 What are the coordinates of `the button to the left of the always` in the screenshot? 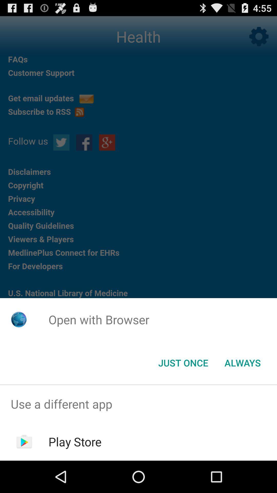 It's located at (183, 362).